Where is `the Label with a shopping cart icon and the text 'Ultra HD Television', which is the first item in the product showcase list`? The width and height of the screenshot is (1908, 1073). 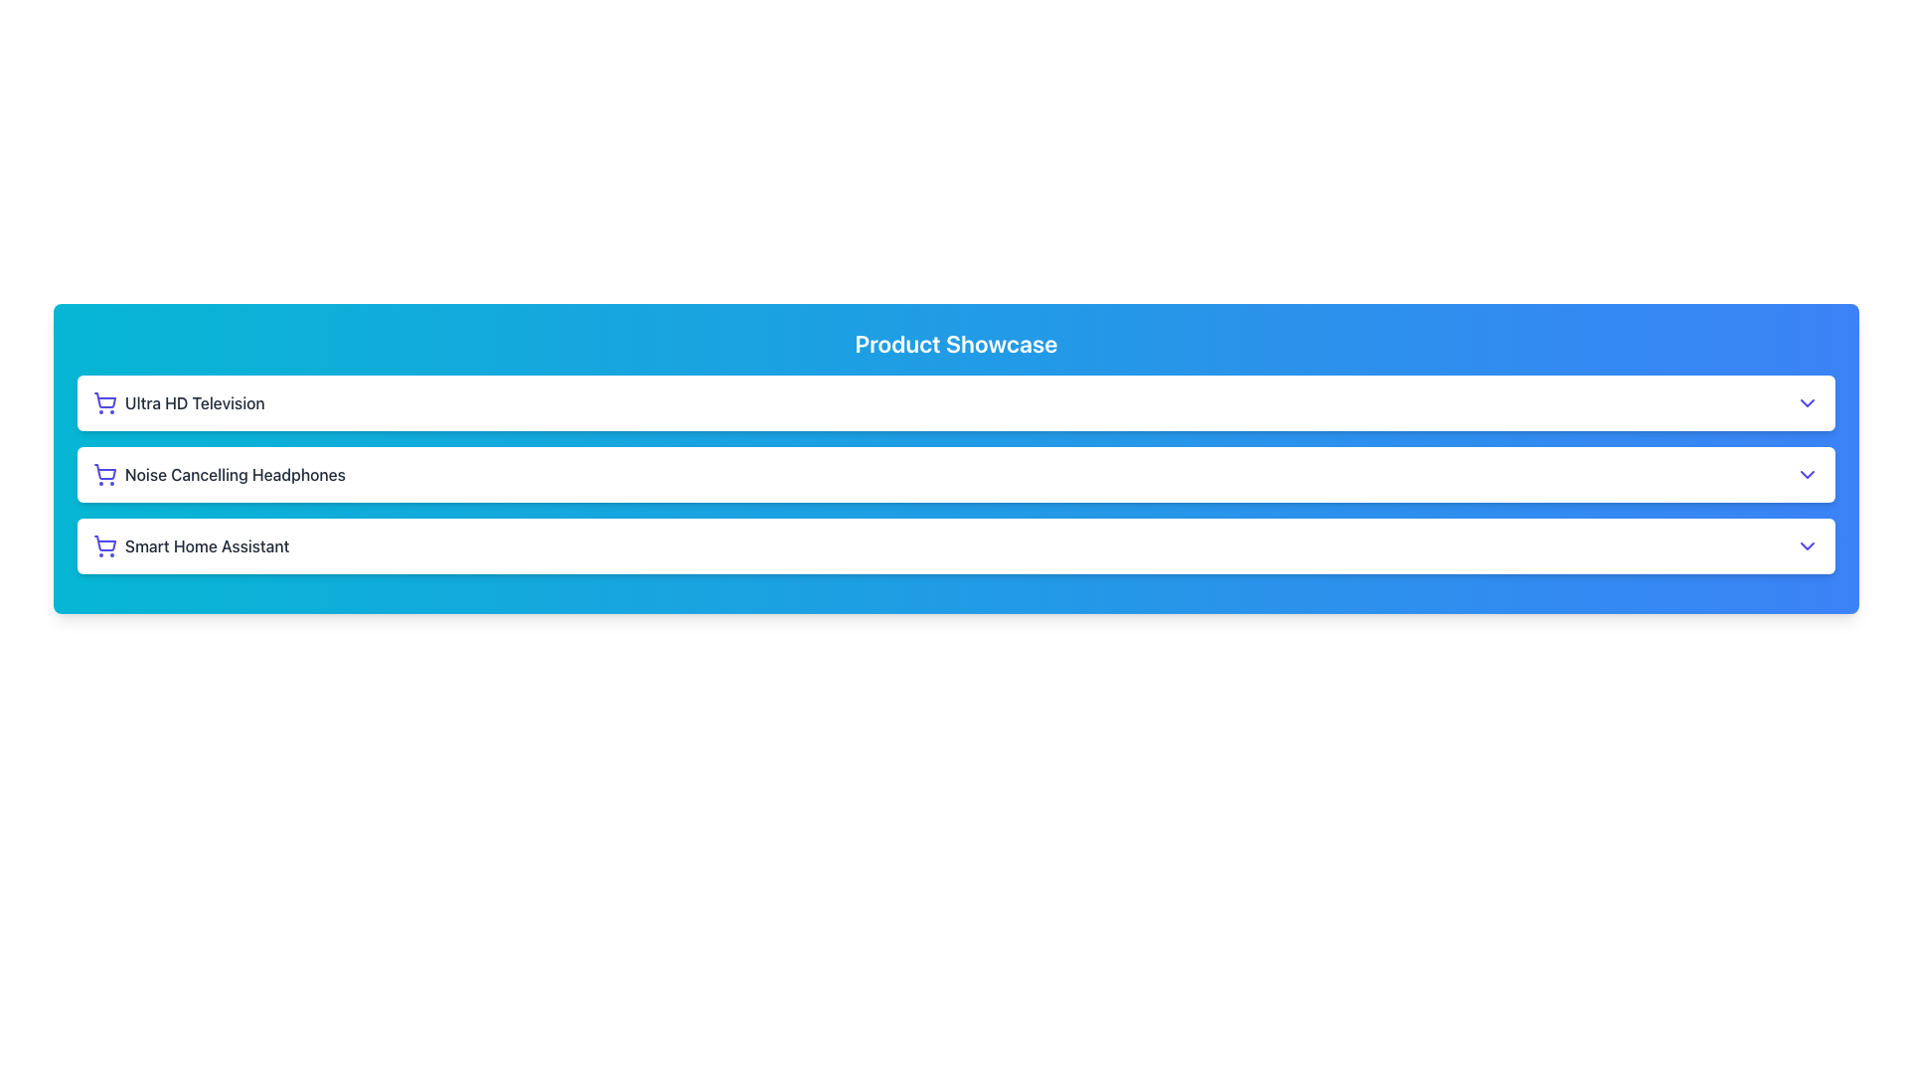
the Label with a shopping cart icon and the text 'Ultra HD Television', which is the first item in the product showcase list is located at coordinates (179, 402).